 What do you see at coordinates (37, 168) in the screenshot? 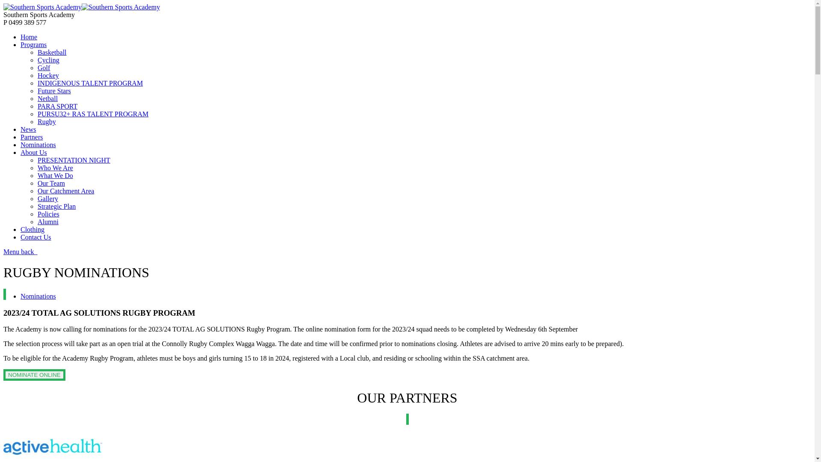
I see `'Who We Are'` at bounding box center [37, 168].